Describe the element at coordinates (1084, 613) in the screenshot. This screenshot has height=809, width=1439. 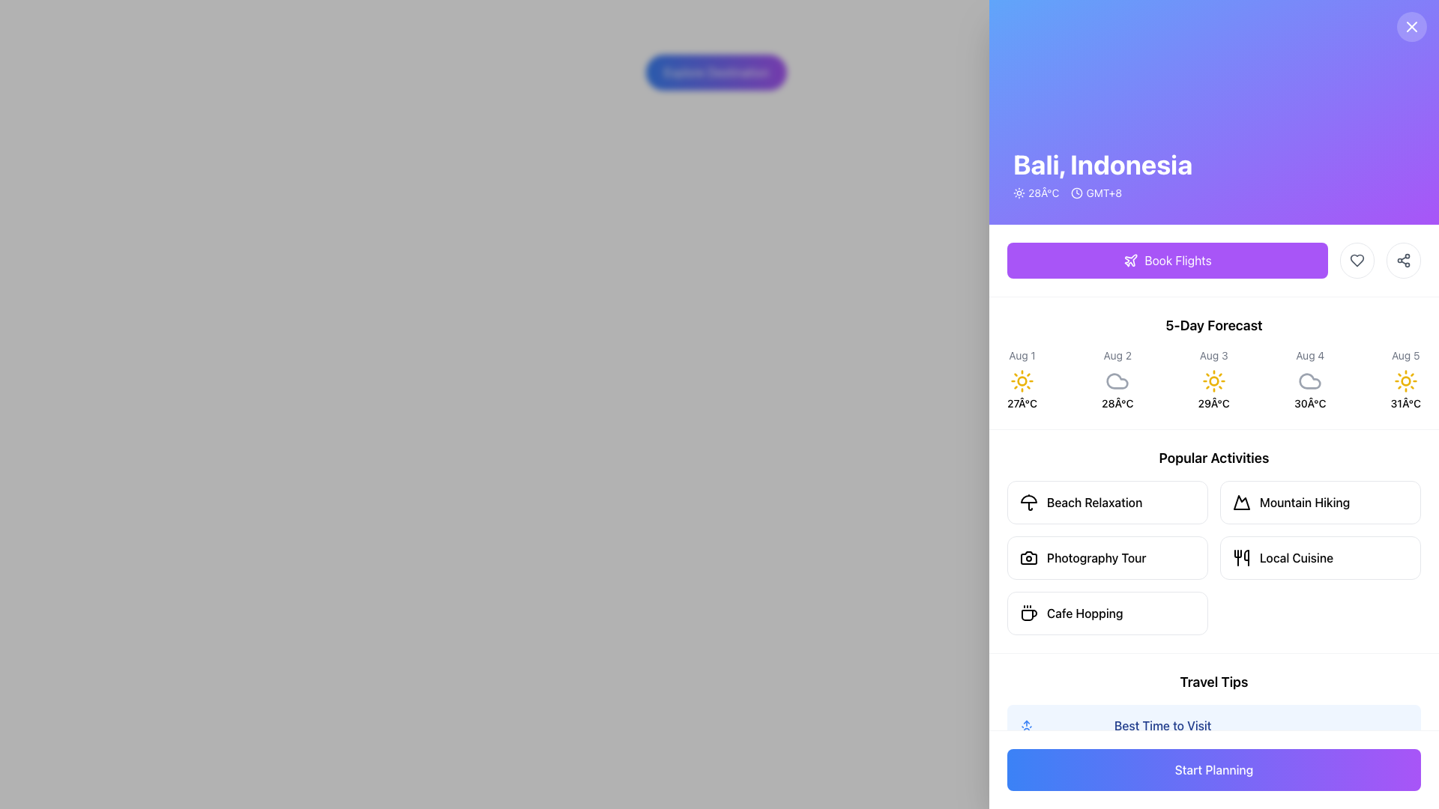
I see `the clickable text label 'Cafe Hopping' located under the 'Popular Activities' section` at that location.